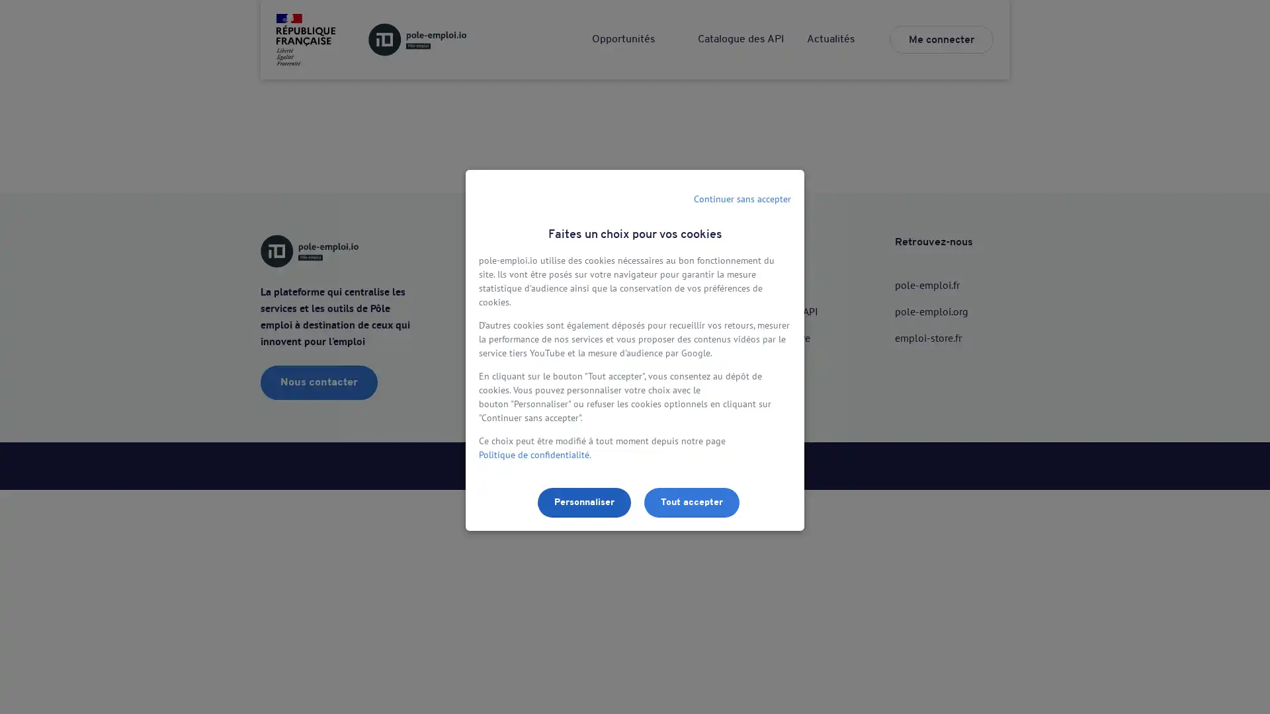 The width and height of the screenshot is (1270, 714). I want to click on Utiliser lAPI, so click(311, 348).